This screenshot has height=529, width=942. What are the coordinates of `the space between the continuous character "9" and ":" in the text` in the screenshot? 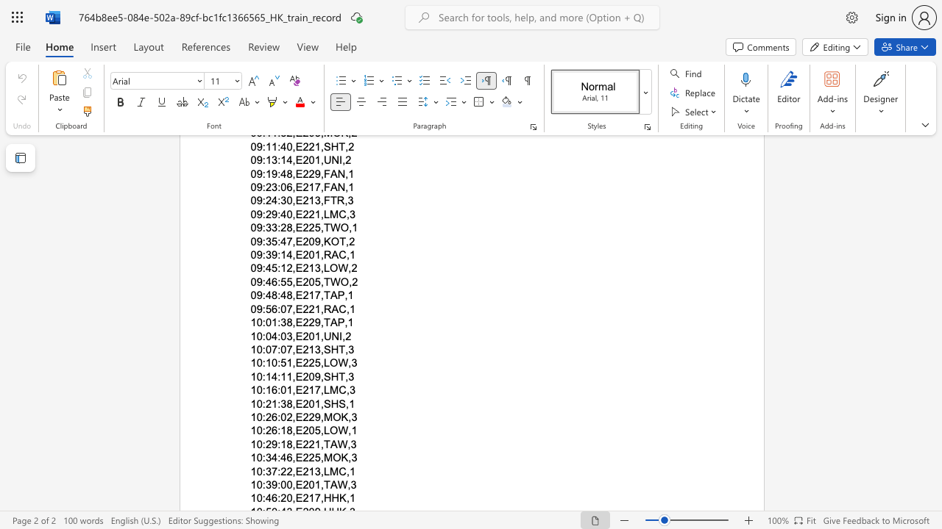 It's located at (277, 484).